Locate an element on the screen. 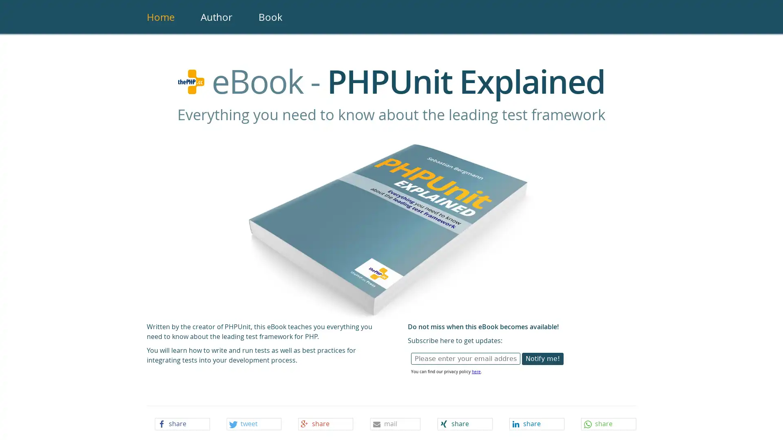 This screenshot has height=440, width=783. Share on Facebook is located at coordinates (181, 424).